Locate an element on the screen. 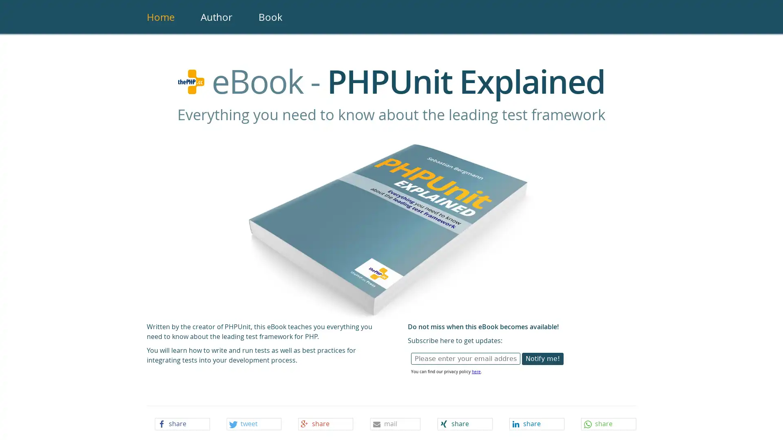 This screenshot has height=440, width=783. Share on Facebook is located at coordinates (181, 424).